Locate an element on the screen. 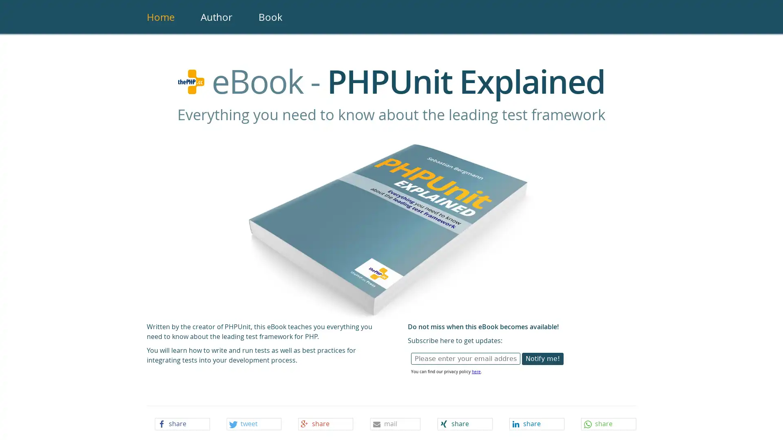 This screenshot has height=440, width=783. Share on Facebook is located at coordinates (181, 424).